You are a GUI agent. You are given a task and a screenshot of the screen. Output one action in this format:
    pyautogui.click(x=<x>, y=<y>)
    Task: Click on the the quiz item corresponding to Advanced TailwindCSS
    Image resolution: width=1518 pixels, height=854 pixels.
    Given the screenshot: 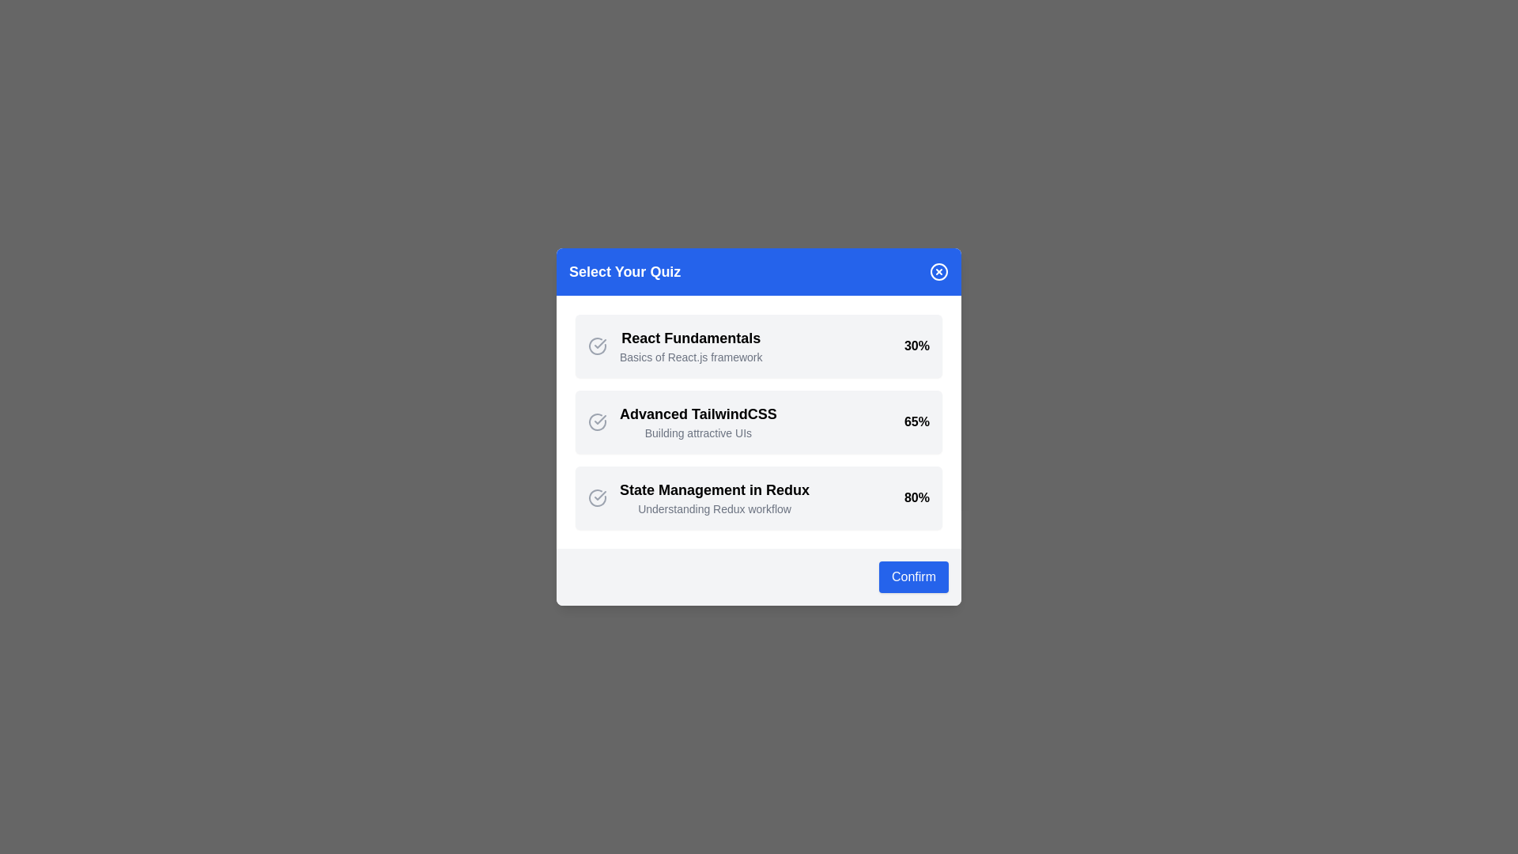 What is the action you would take?
    pyautogui.click(x=759, y=421)
    